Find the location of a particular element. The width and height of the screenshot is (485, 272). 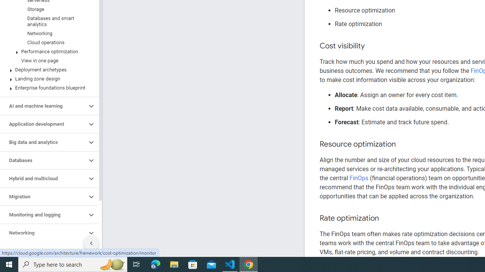

'Landing zone design' is located at coordinates (47, 79).